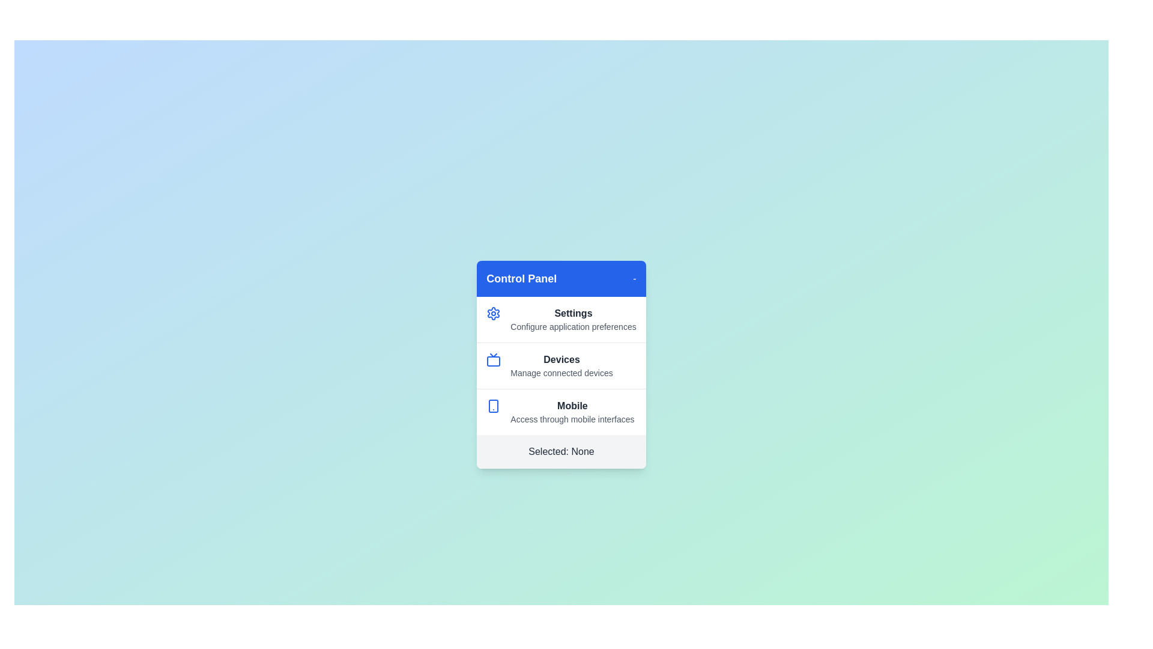 The height and width of the screenshot is (649, 1153). Describe the element at coordinates (561, 319) in the screenshot. I see `the menu item Settings by clicking on it` at that location.